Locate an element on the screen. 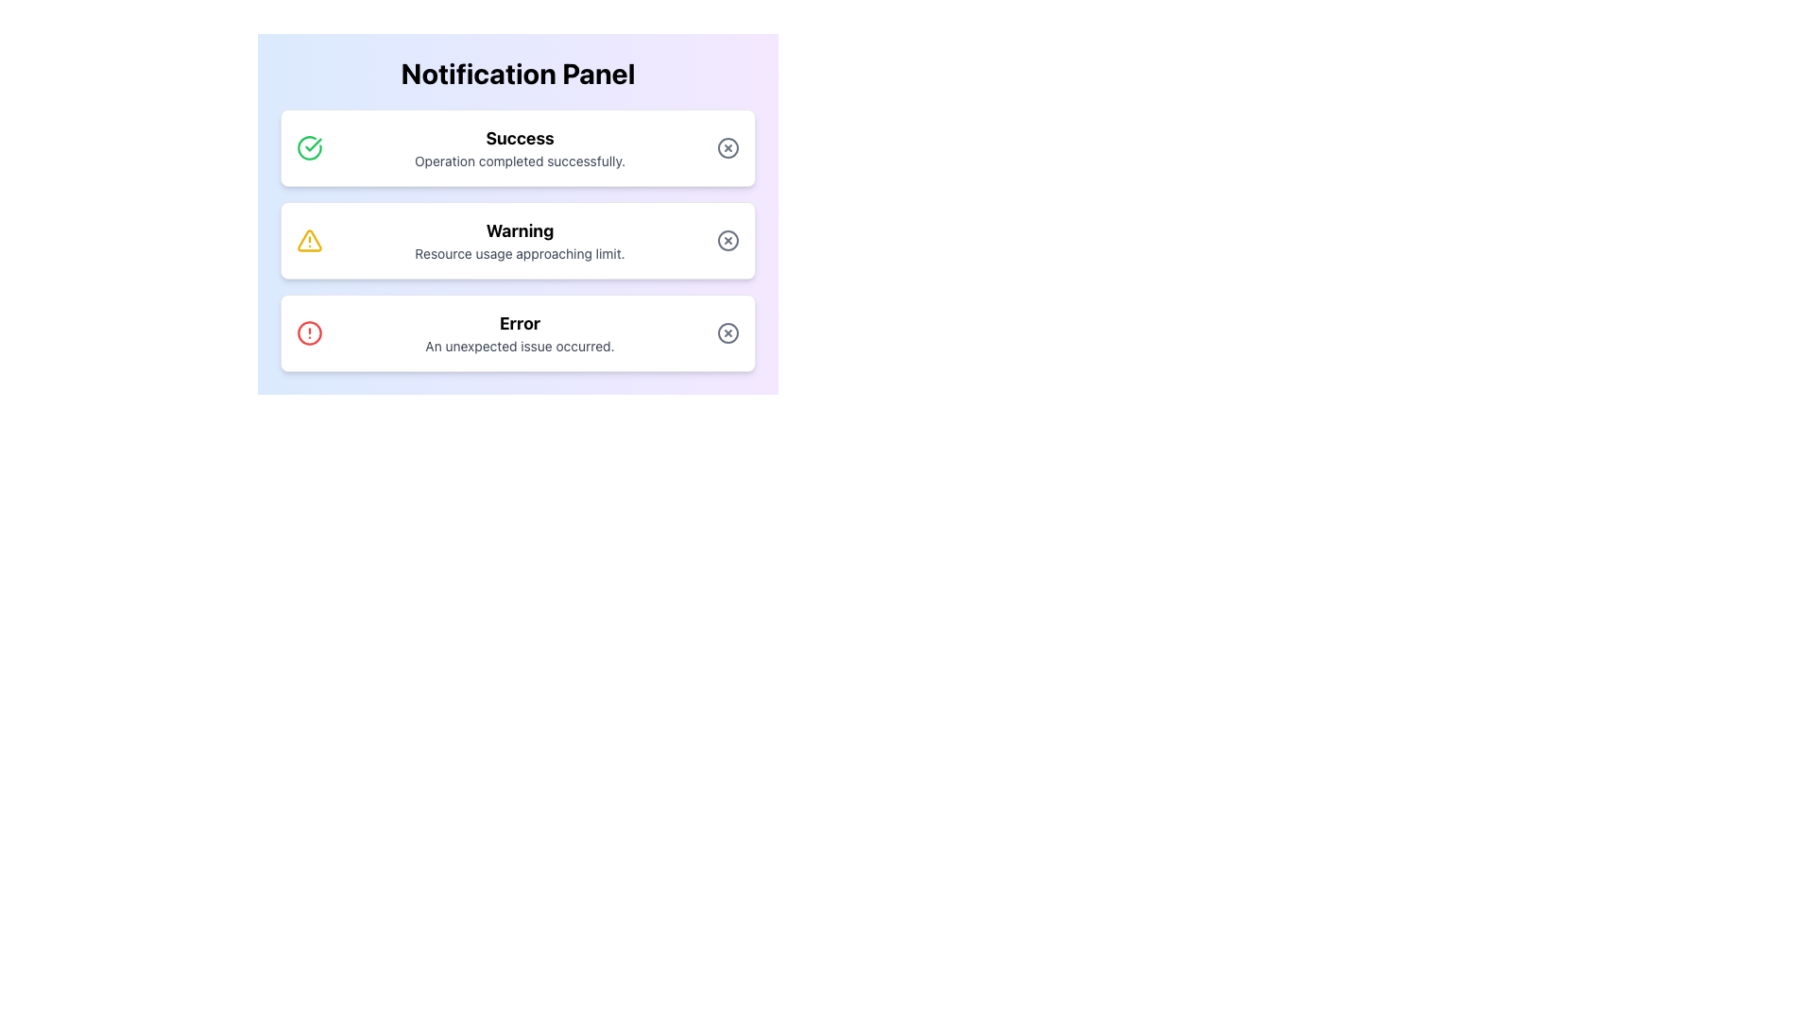 This screenshot has width=1814, height=1020. the warning notification icon, which is the second item in the vertical list of notifications, positioned between a 'Success' notification above and an 'Error' notification below is located at coordinates (309, 239).